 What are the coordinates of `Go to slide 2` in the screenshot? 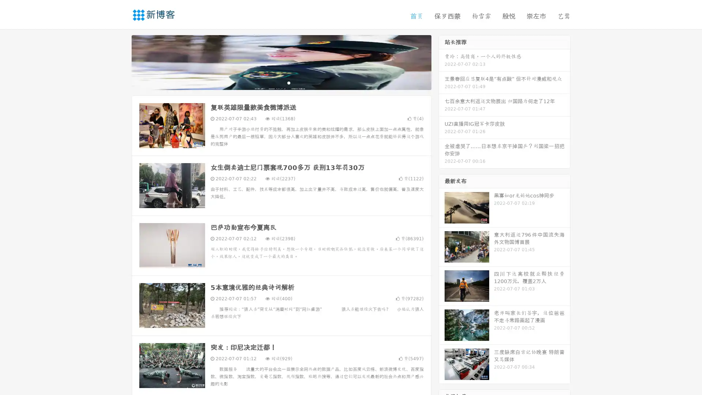 It's located at (281, 82).